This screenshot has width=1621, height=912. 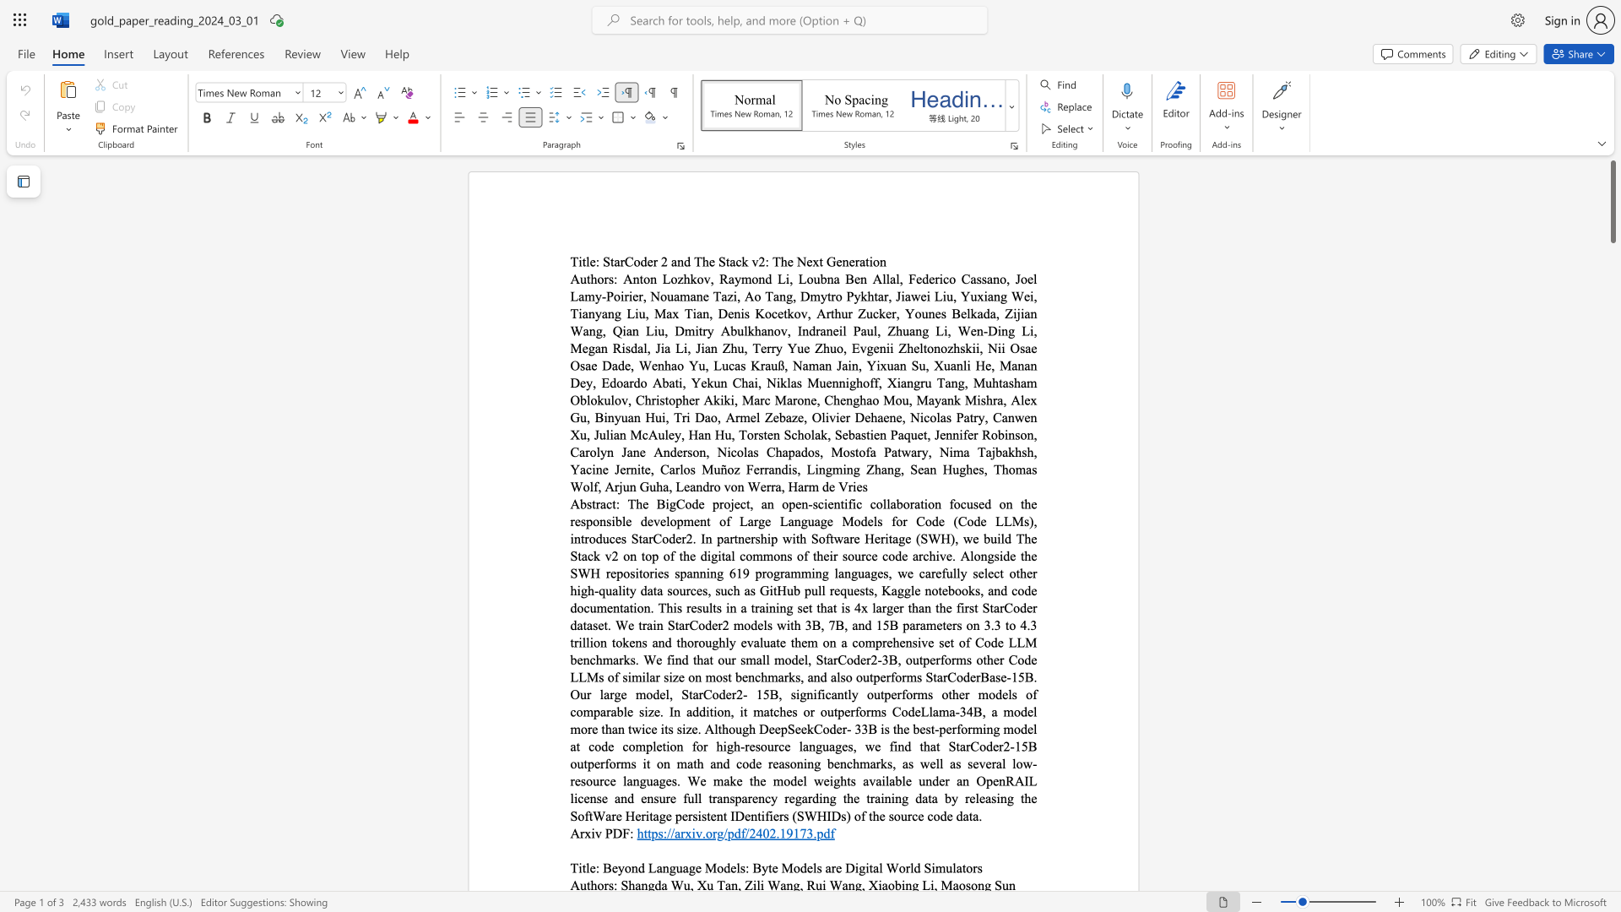 I want to click on the vertical scrollbar to lower the page content, so click(x=1612, y=549).